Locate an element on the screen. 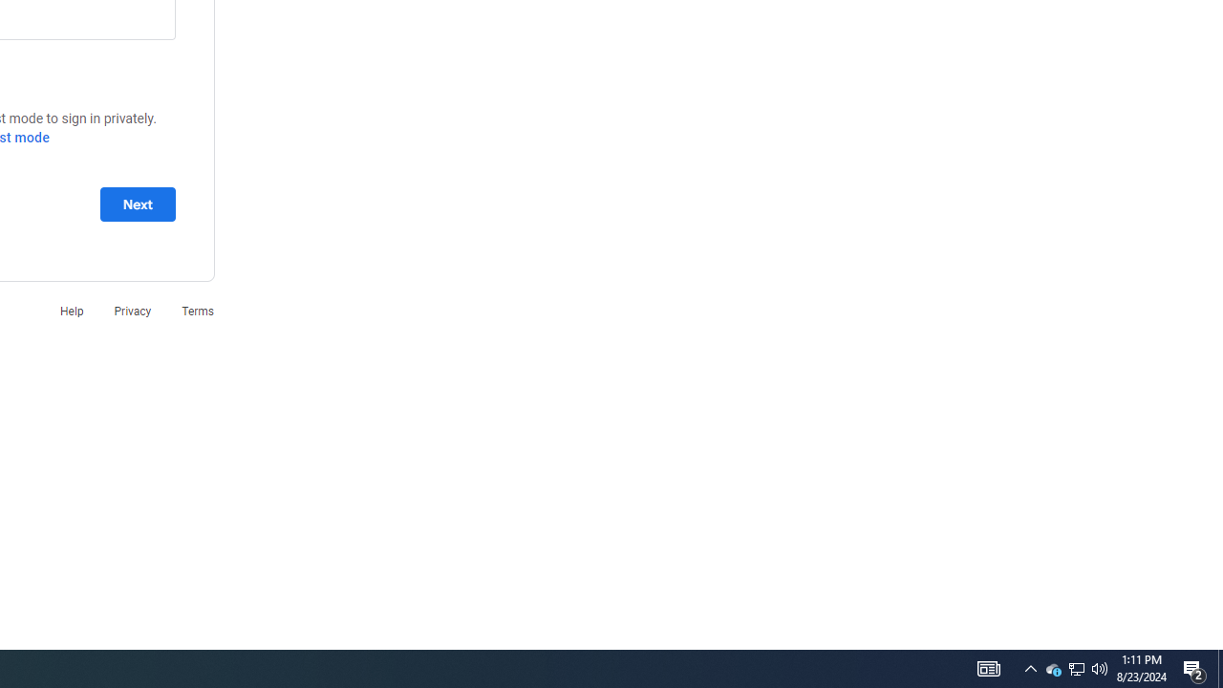 This screenshot has height=688, width=1223. 'AutomationID: 4105' is located at coordinates (988, 667).